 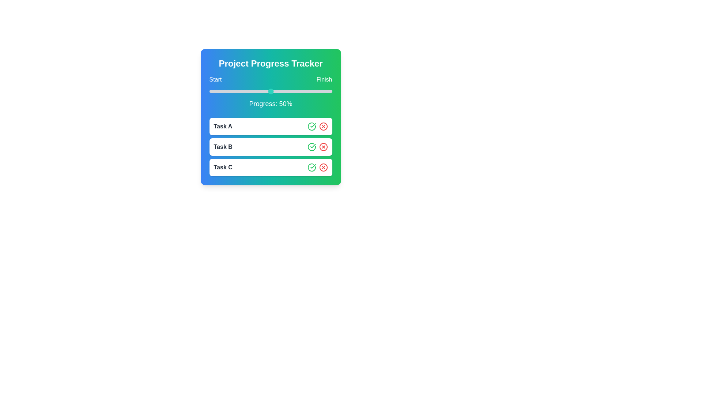 I want to click on the task name Task B to focus or select it, so click(x=223, y=147).